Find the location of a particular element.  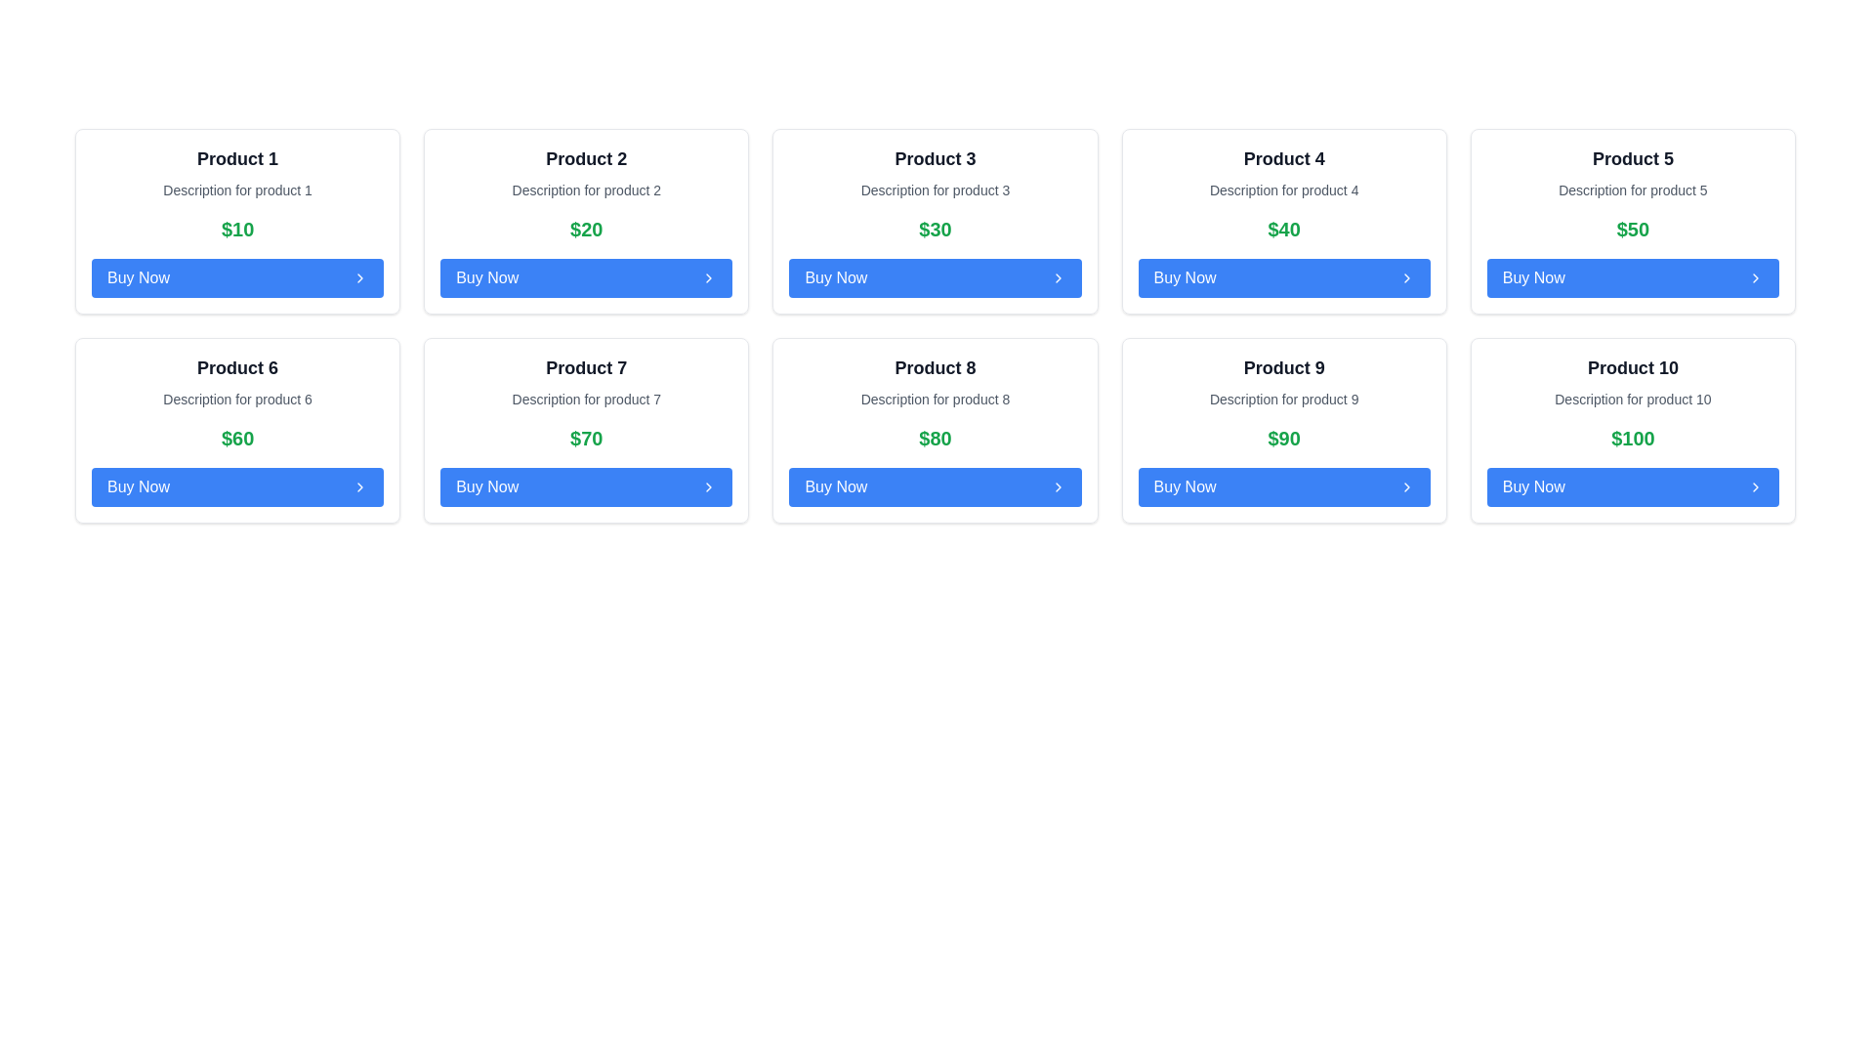

the text label that reads 'Description for product 3', which is styled in a small gray font and positioned below the title 'Product 3' and above the price '$30' is located at coordinates (935, 190).